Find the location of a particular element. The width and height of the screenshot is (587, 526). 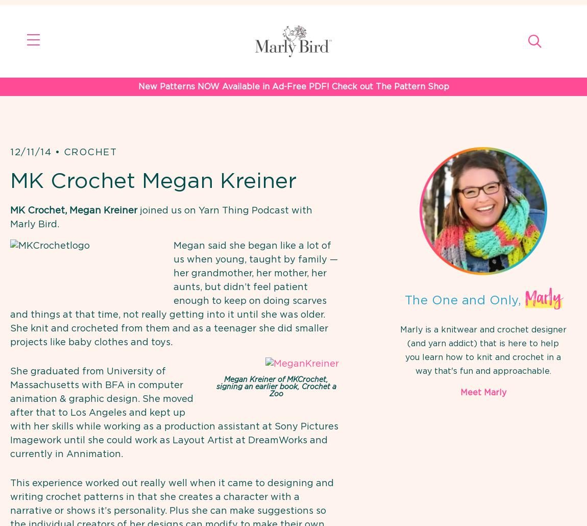

'Crochet' is located at coordinates (89, 152).